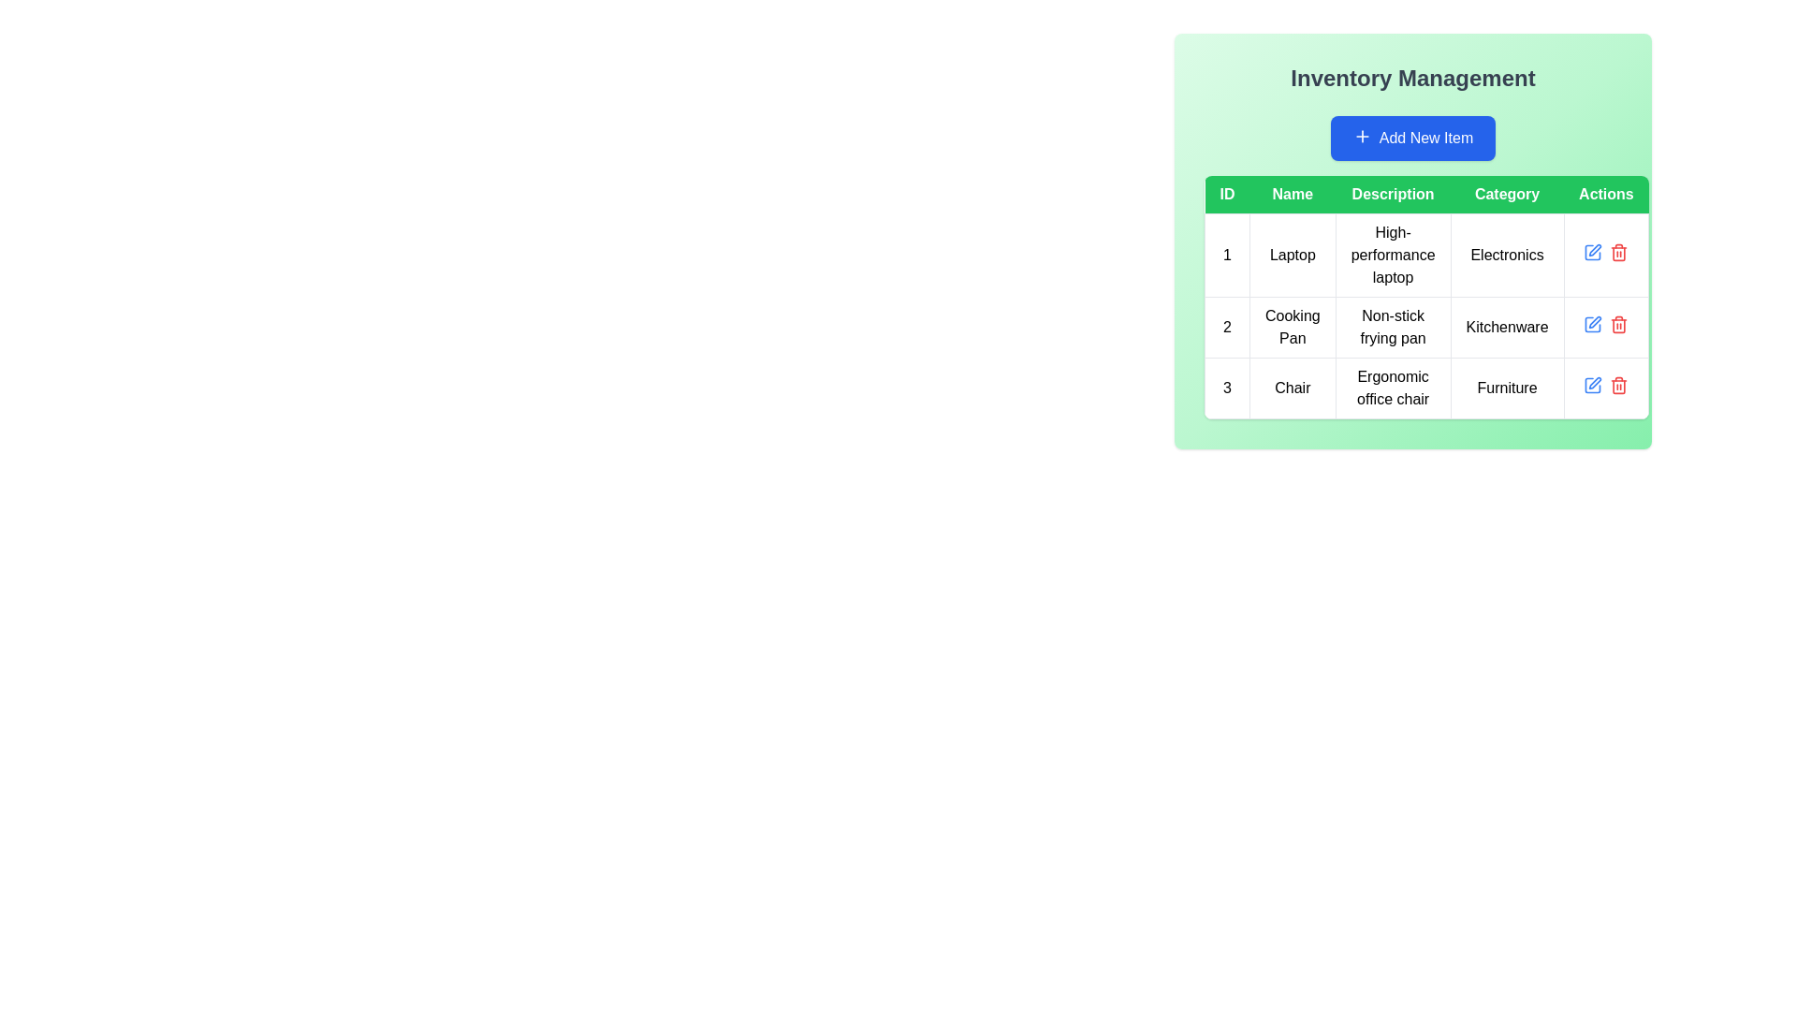 The image size is (1797, 1011). Describe the element at coordinates (1507, 388) in the screenshot. I see `the informational text label in the third row under the 'Category' column of the inventory items table` at that location.